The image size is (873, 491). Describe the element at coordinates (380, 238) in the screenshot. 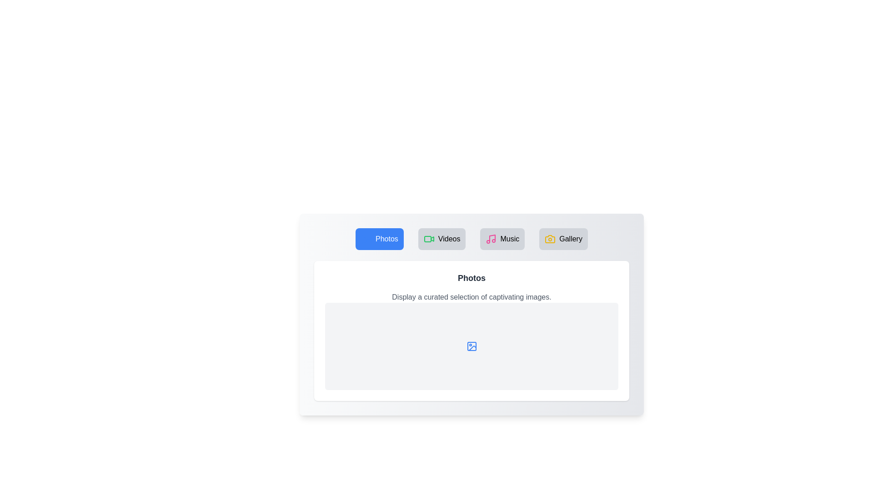

I see `the tab labeled Photos to view its content` at that location.